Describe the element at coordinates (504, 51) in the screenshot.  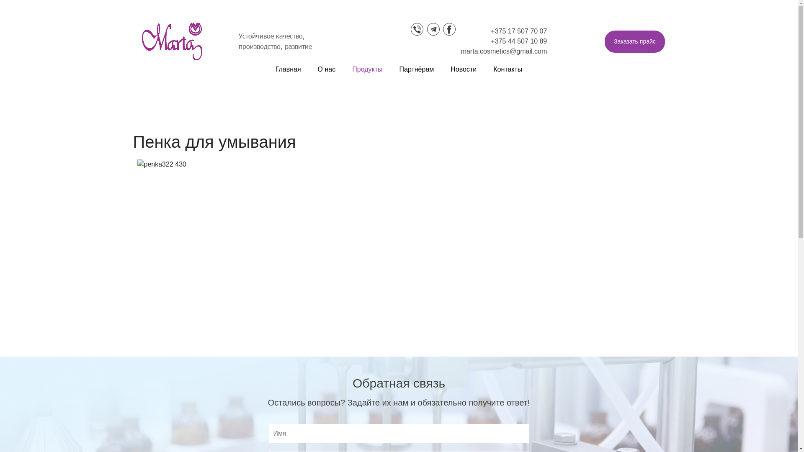
I see `'marta.cosmetics@gmail.com'` at that location.